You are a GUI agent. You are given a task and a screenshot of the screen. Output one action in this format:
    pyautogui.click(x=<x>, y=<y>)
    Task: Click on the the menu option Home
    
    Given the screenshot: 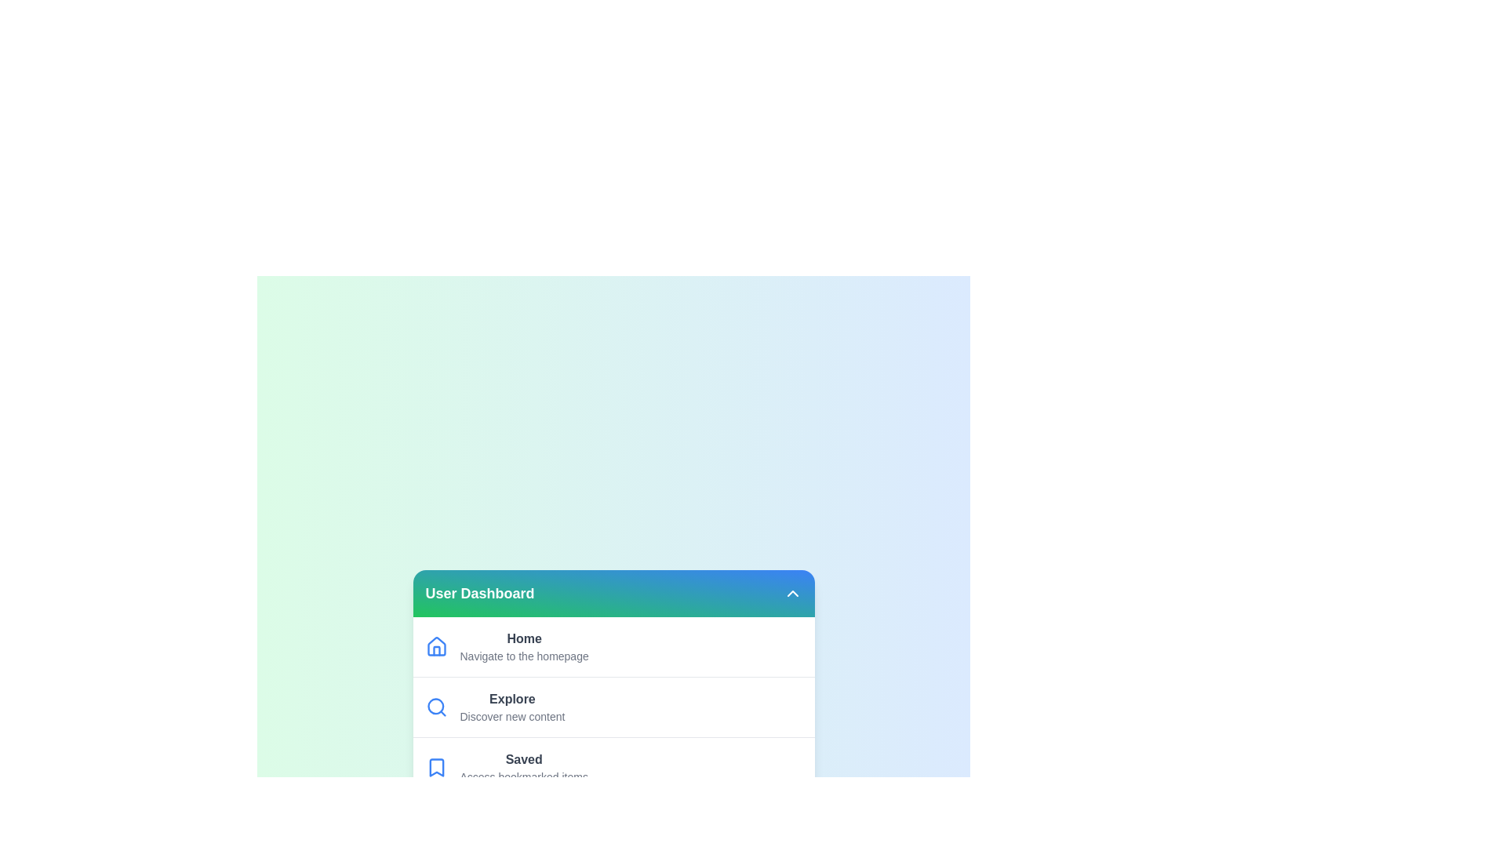 What is the action you would take?
    pyautogui.click(x=613, y=647)
    